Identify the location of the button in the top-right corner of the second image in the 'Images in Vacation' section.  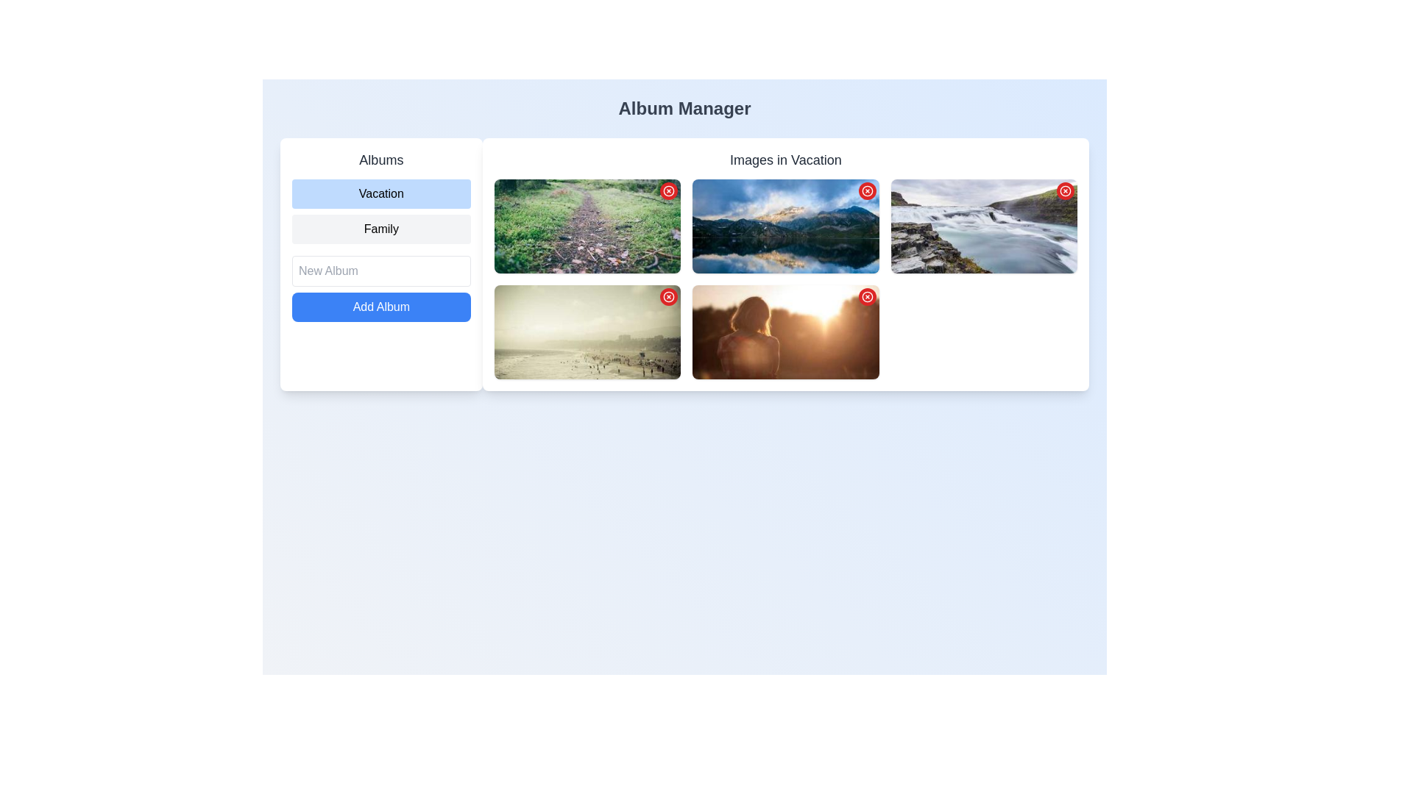
(867, 190).